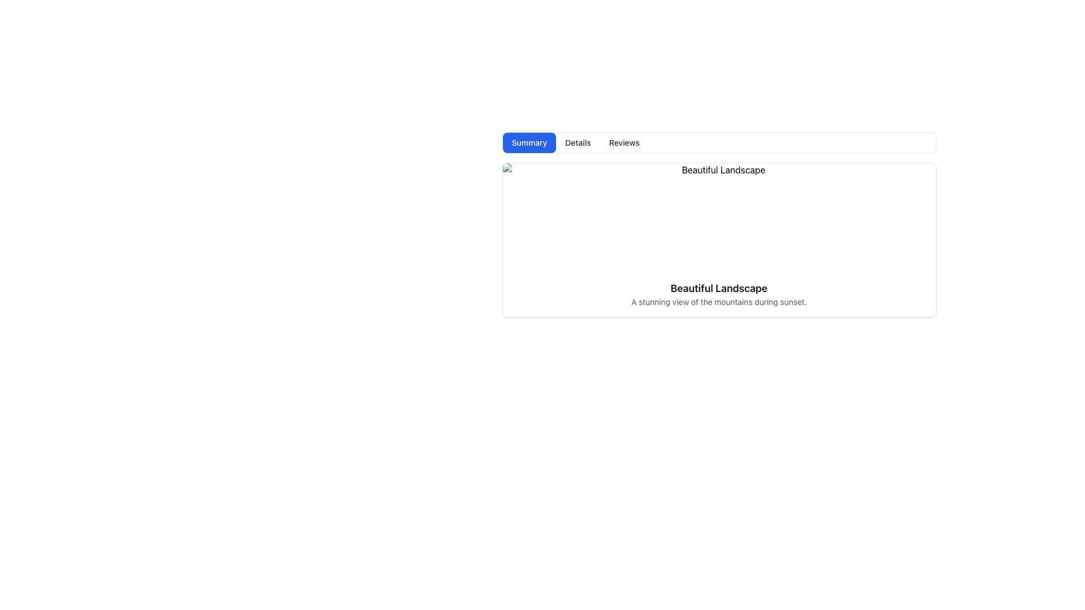 This screenshot has width=1085, height=610. Describe the element at coordinates (578, 142) in the screenshot. I see `the button that is the second option in a horizontal tab, located between the 'Summary' button and the 'Reviews' button` at that location.